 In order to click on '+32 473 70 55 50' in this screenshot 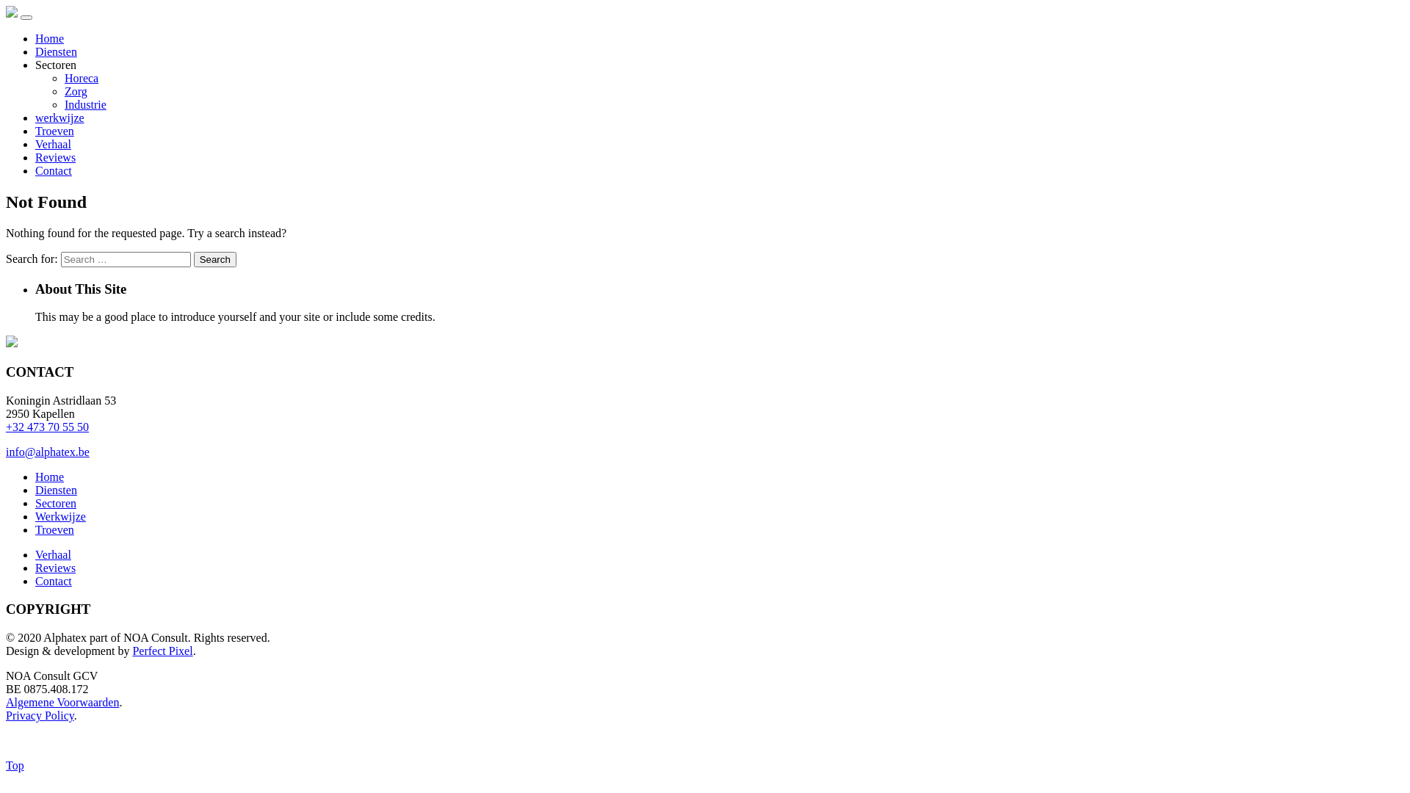, I will do `click(47, 427)`.